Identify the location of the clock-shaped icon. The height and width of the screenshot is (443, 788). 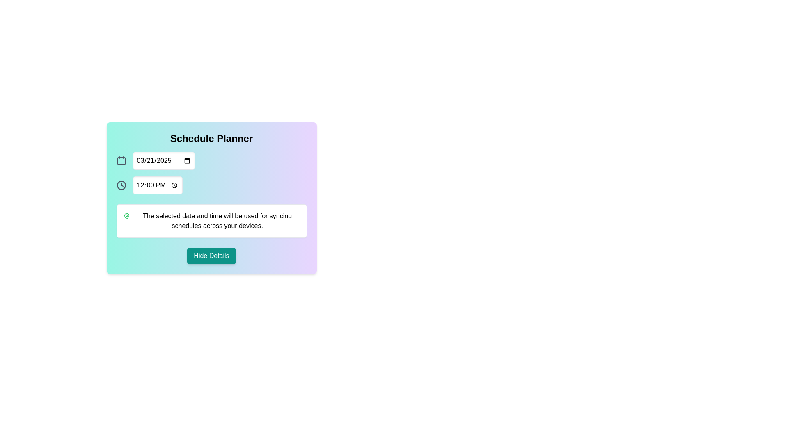
(121, 185).